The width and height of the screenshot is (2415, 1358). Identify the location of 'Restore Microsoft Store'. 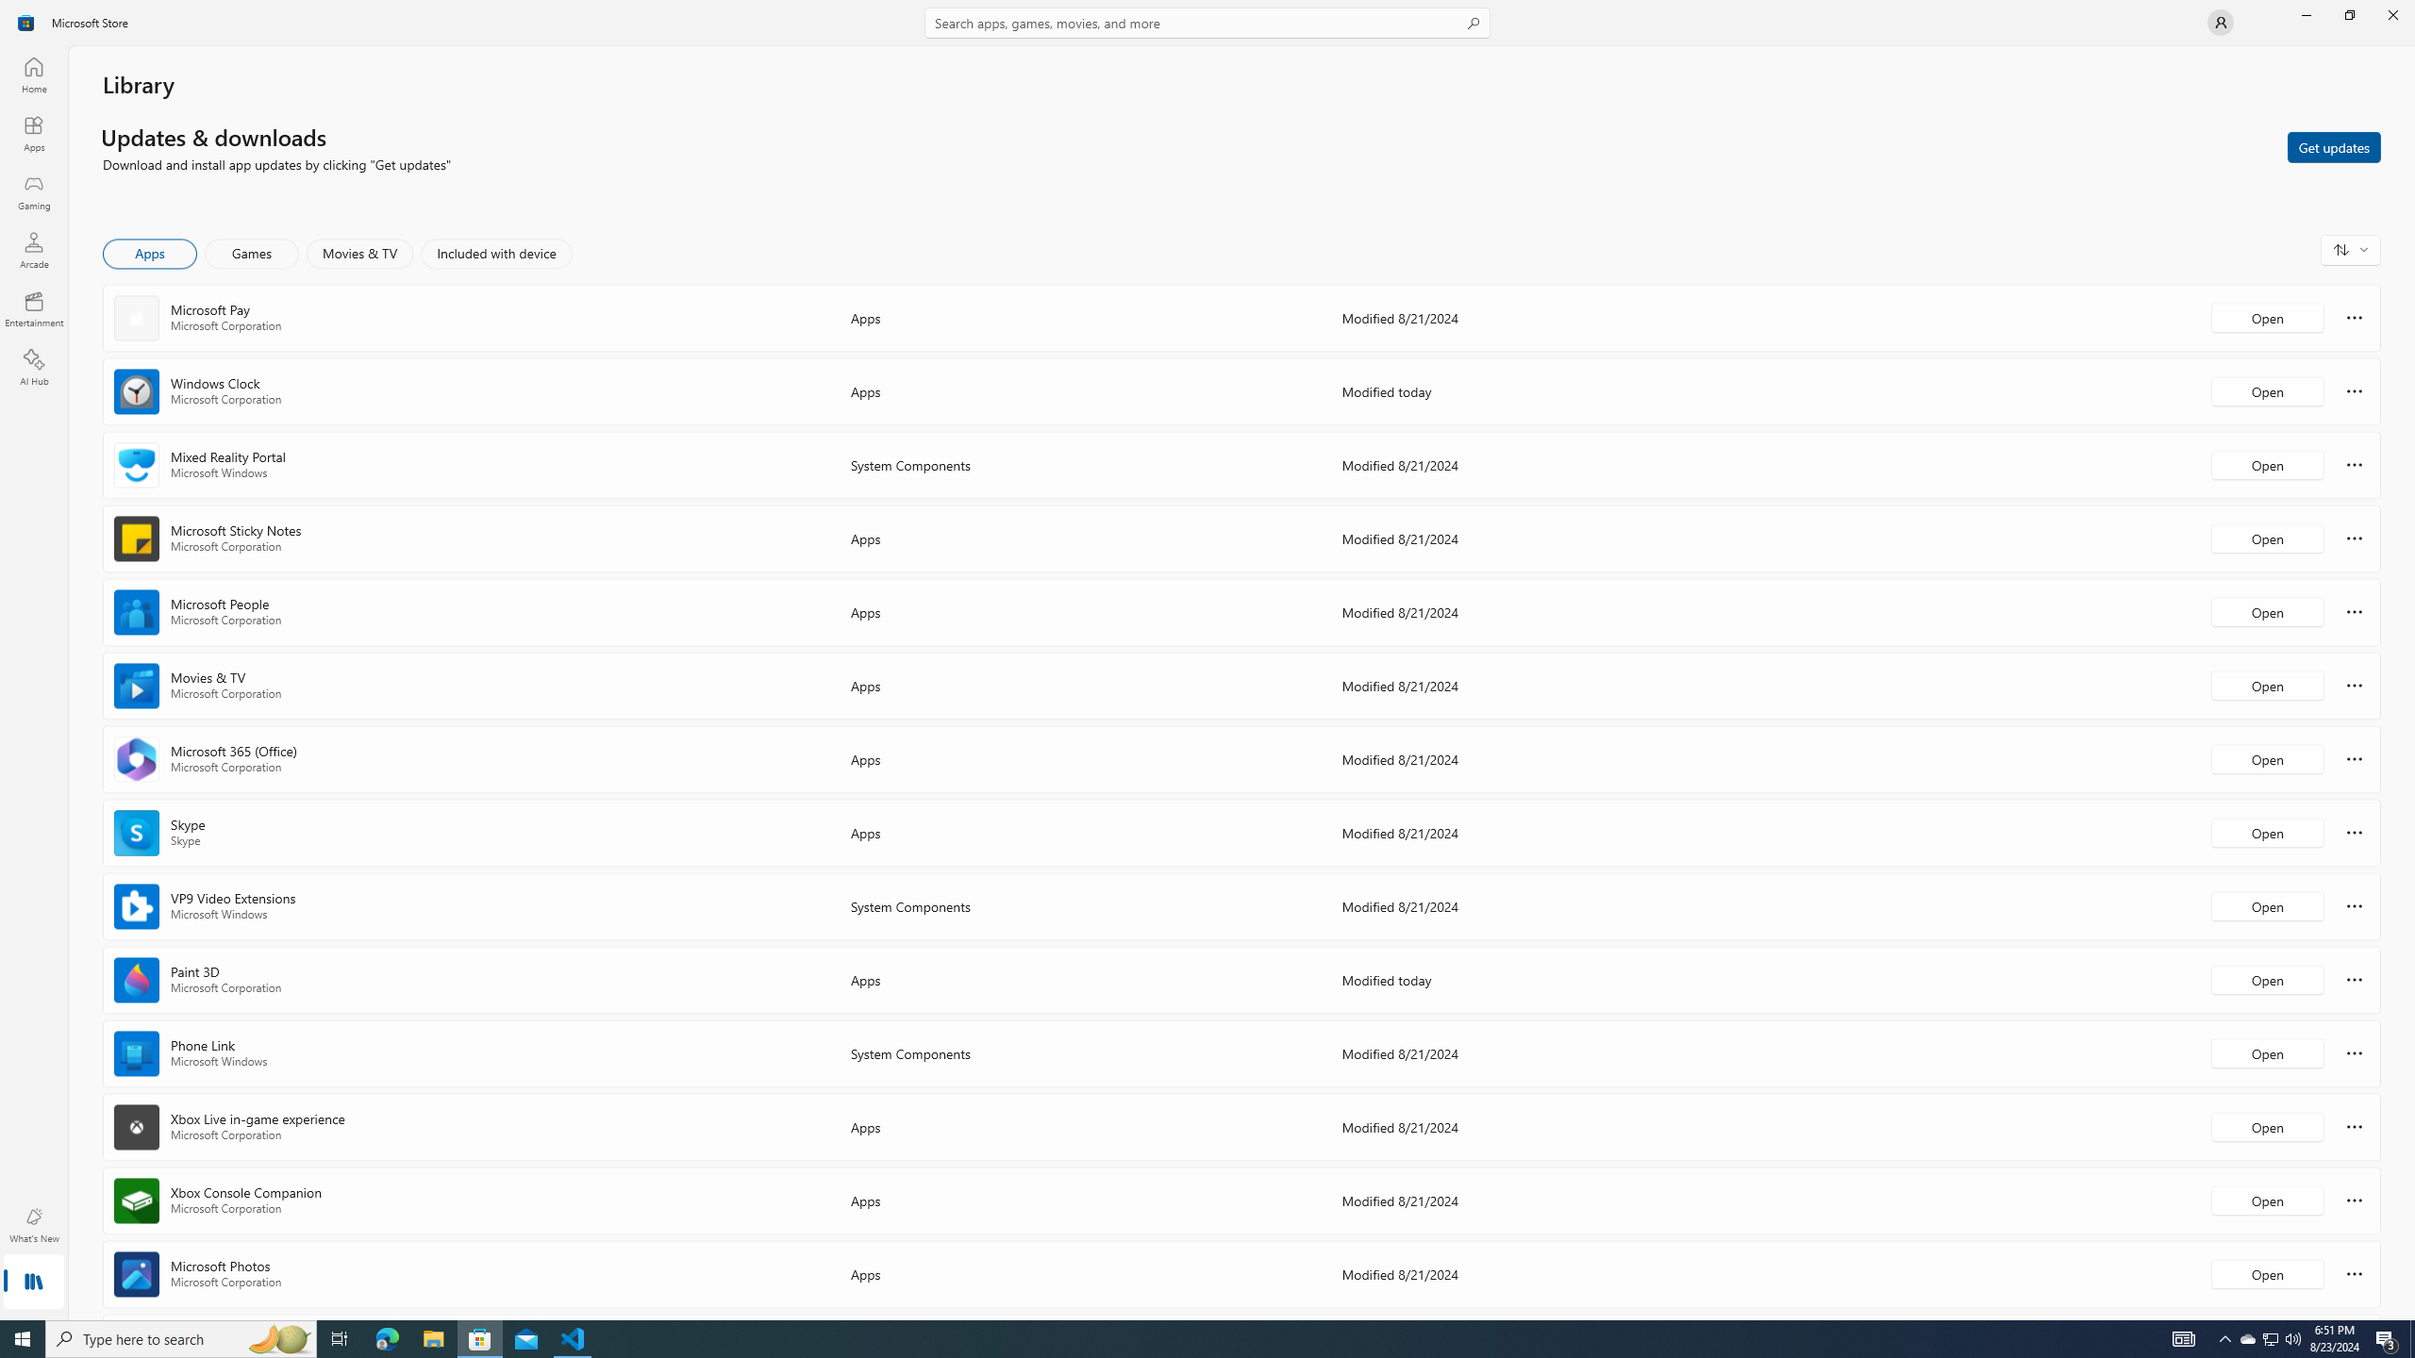
(2349, 14).